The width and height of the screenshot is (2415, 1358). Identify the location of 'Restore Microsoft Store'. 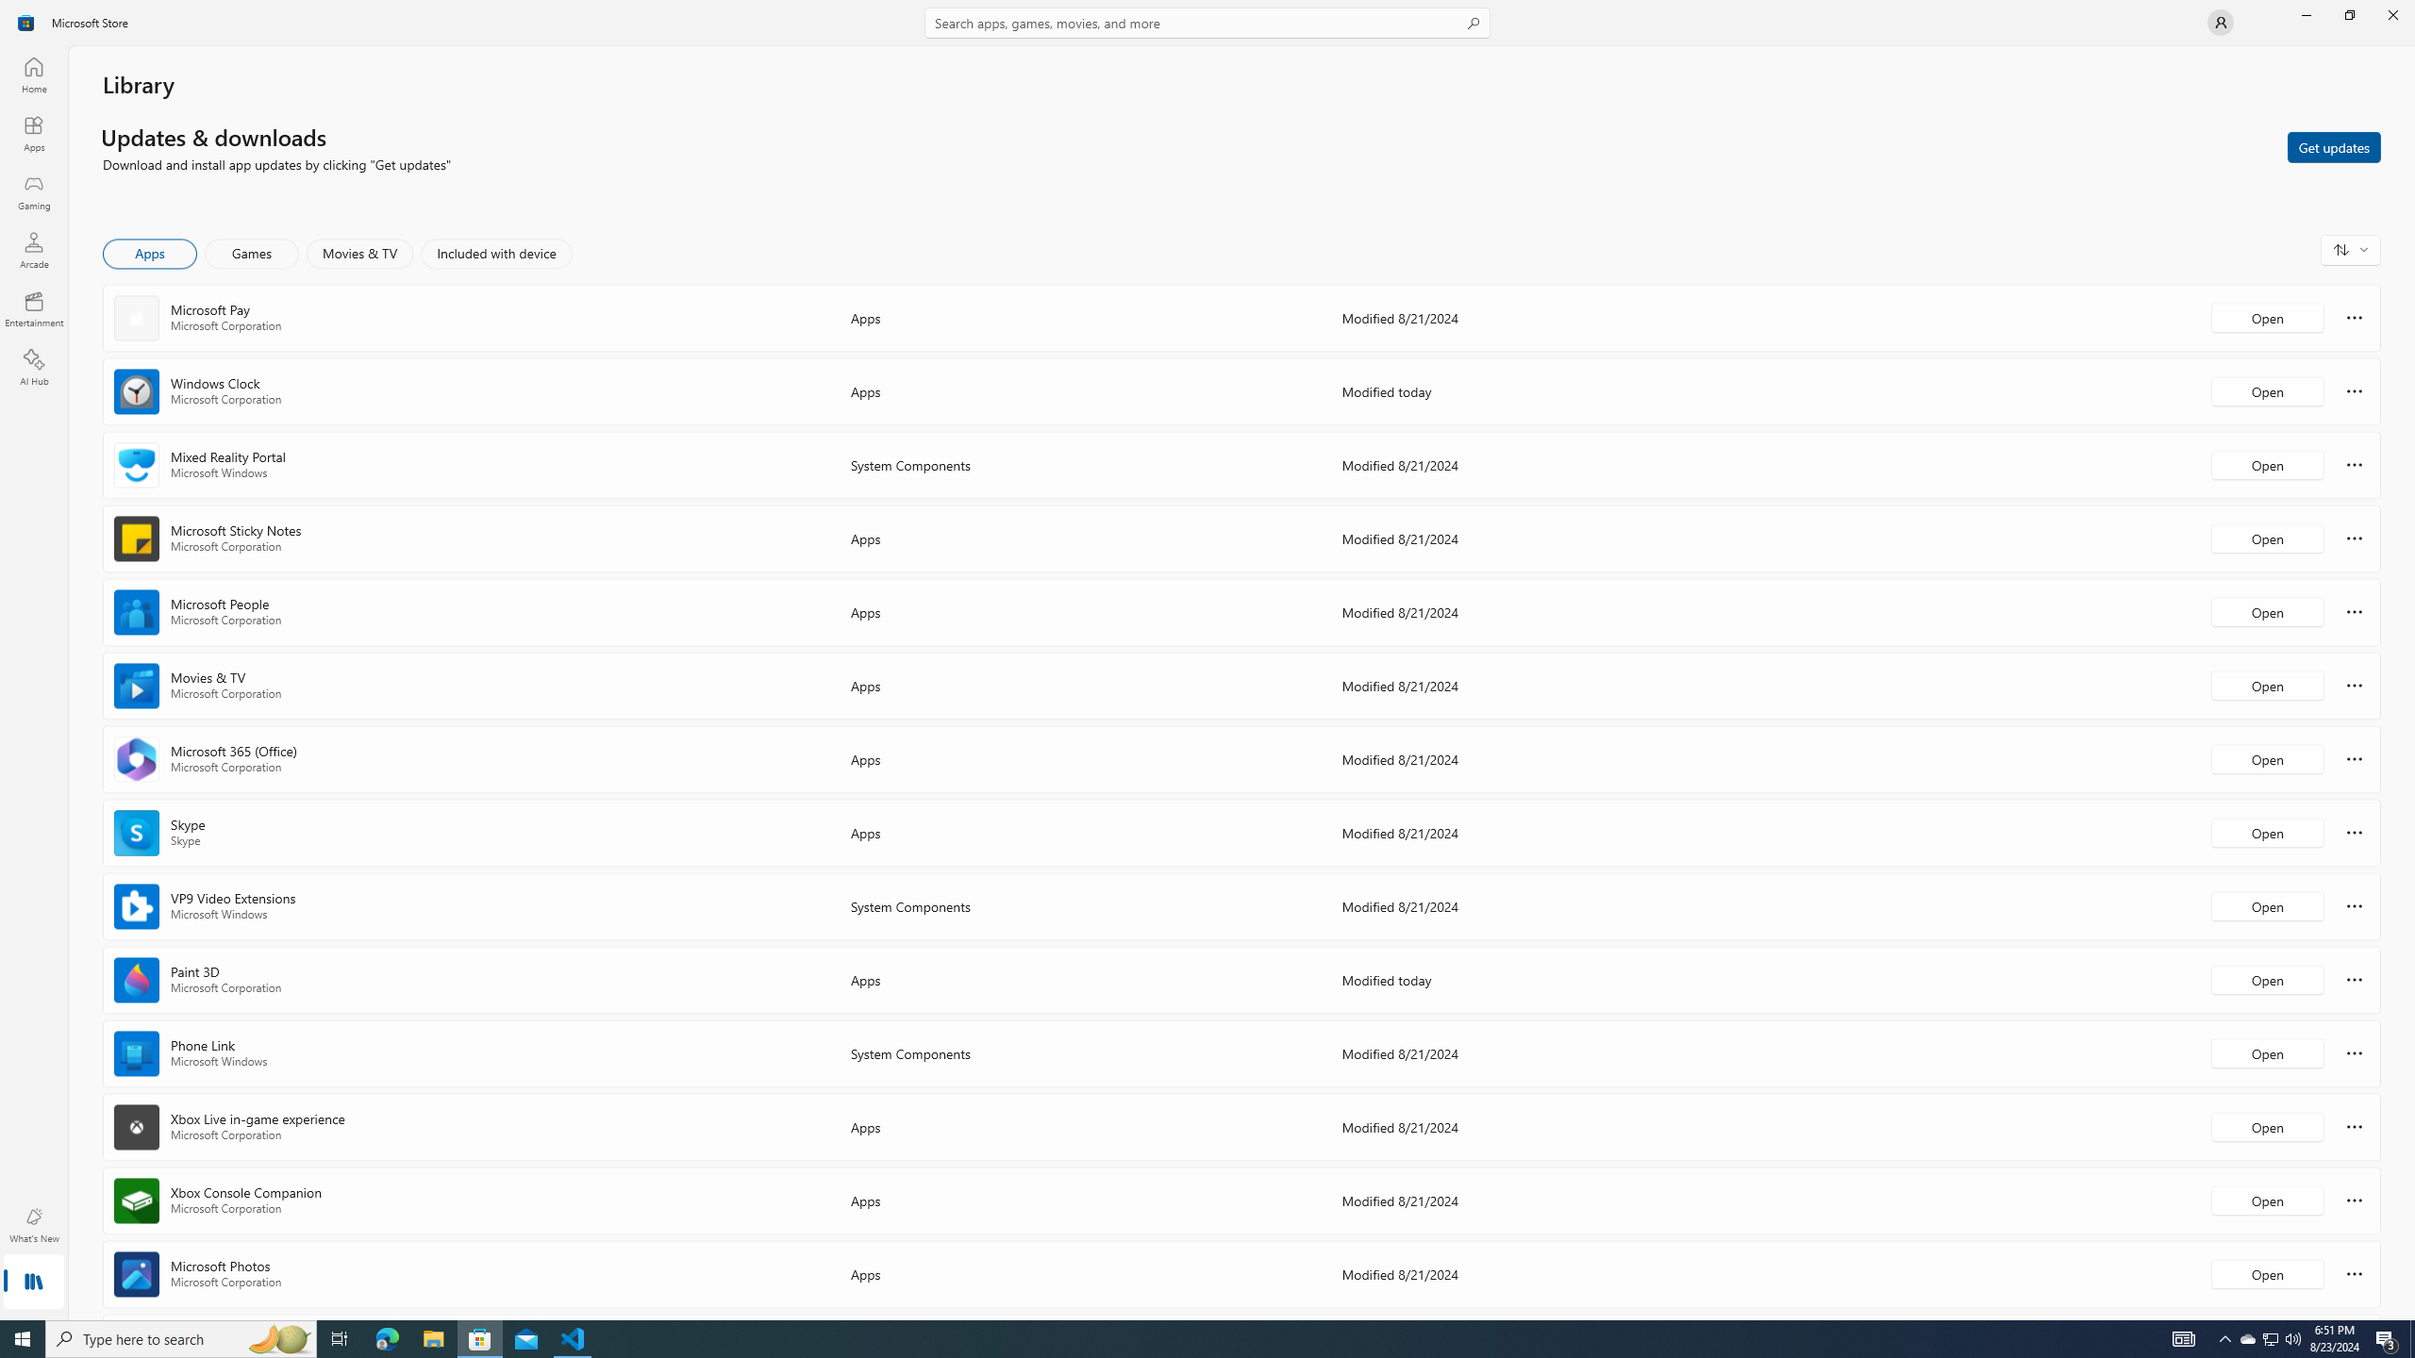
(2349, 14).